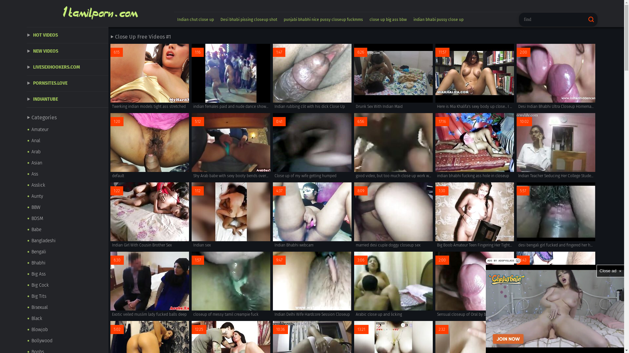 Image resolution: width=629 pixels, height=353 pixels. Describe the element at coordinates (393, 76) in the screenshot. I see `'6:26` at that location.